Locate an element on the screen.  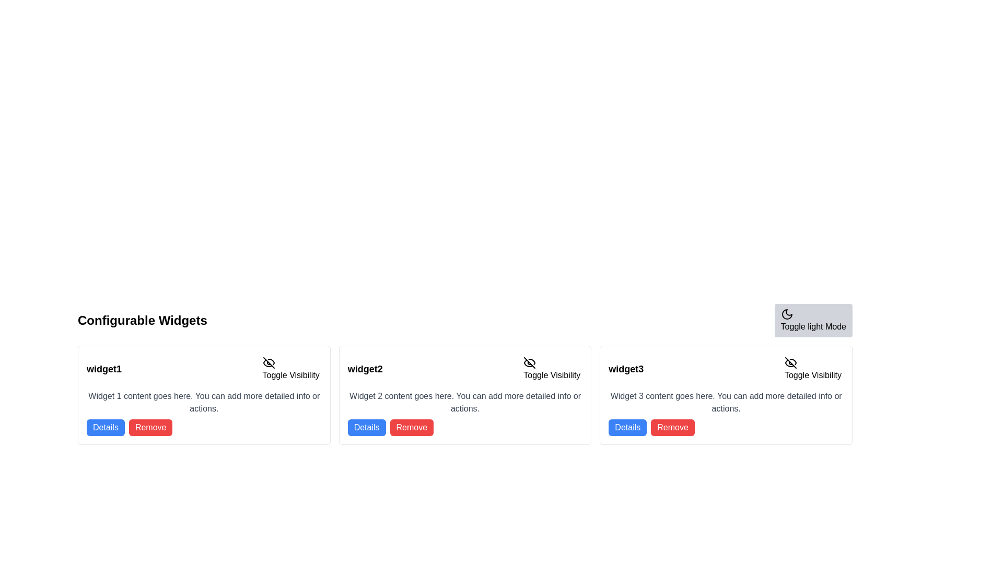
the delete button for 'widget1' using keyboard navigation is located at coordinates (150, 427).